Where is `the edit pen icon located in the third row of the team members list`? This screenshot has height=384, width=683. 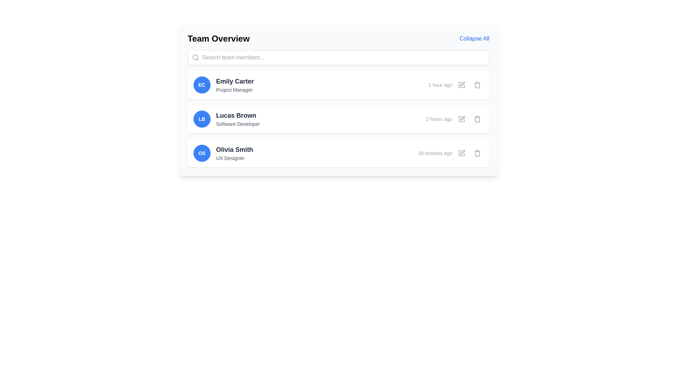 the edit pen icon located in the third row of the team members list is located at coordinates (462, 152).